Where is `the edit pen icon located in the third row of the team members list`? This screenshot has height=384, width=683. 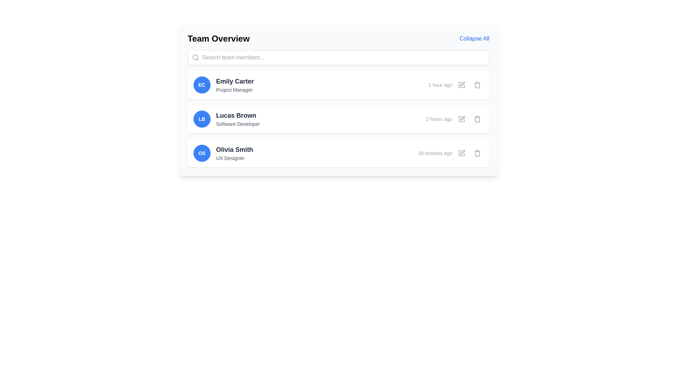 the edit pen icon located in the third row of the team members list is located at coordinates (462, 152).